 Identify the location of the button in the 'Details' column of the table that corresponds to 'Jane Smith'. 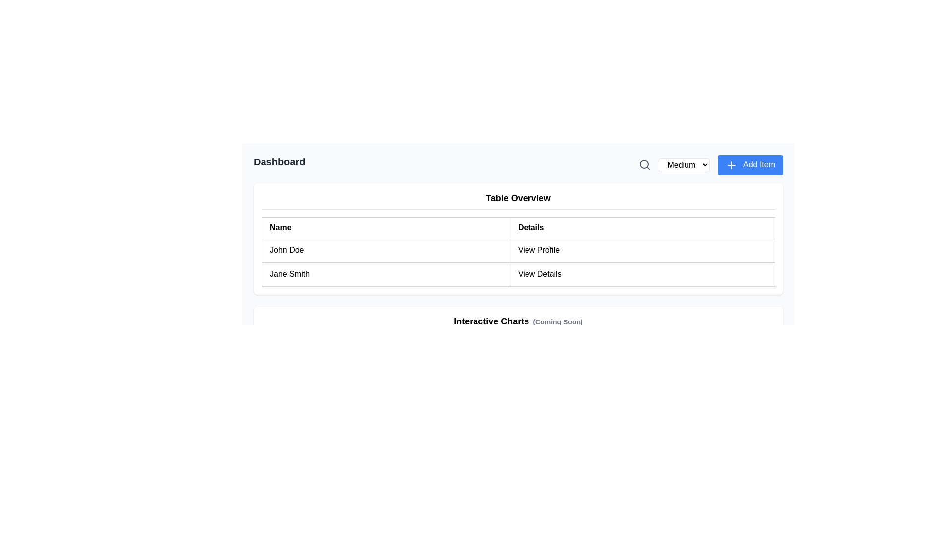
(642, 274).